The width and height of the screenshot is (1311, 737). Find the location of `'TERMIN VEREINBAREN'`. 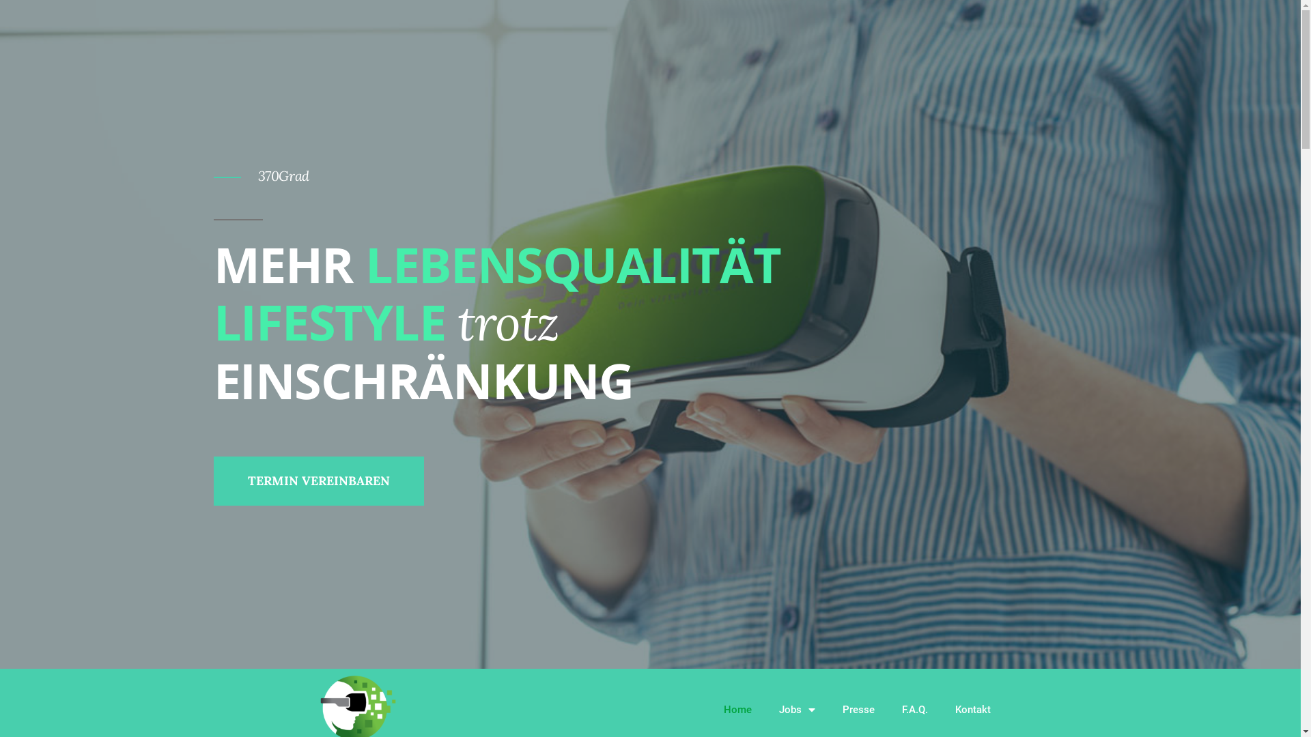

'TERMIN VEREINBAREN' is located at coordinates (317, 480).